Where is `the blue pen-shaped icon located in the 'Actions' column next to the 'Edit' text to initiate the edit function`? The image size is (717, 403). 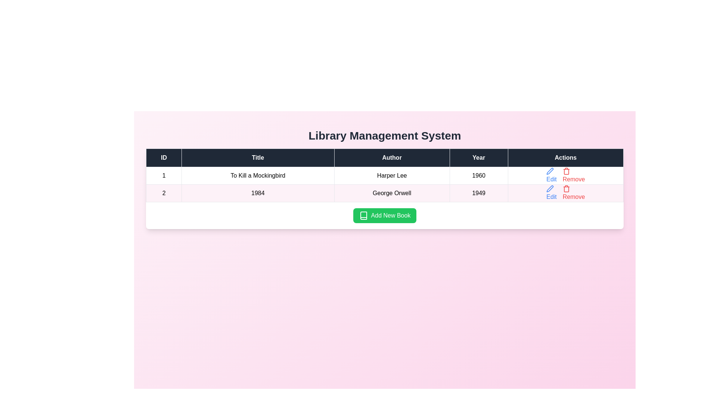 the blue pen-shaped icon located in the 'Actions' column next to the 'Edit' text to initiate the edit function is located at coordinates (550, 171).